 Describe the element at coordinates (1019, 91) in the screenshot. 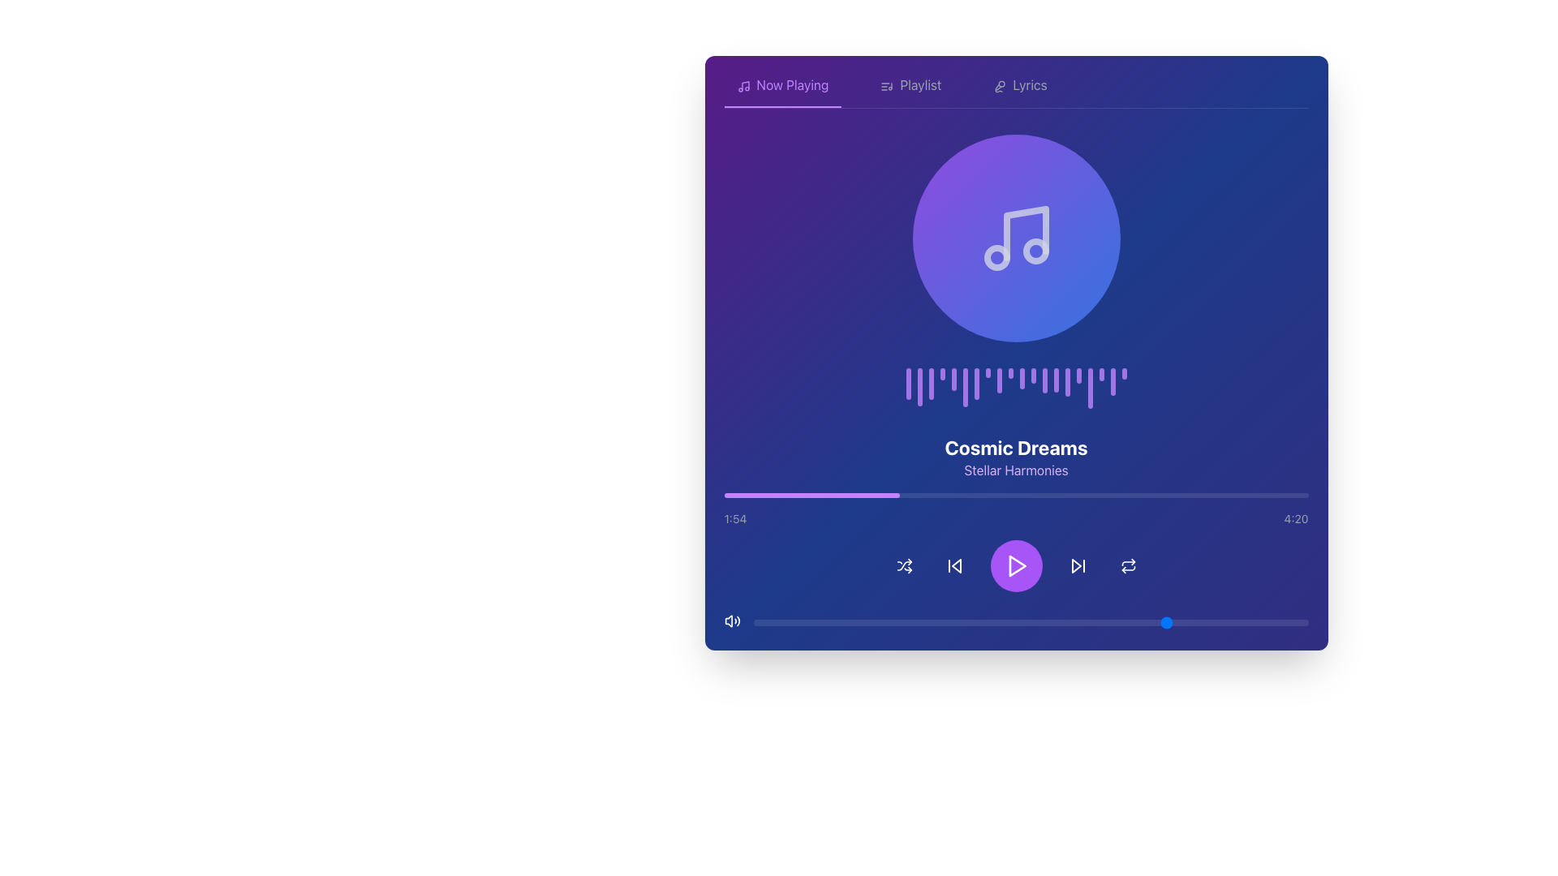

I see `the 'Lyrics' clickable text element, which is styled in light gray and changes to purple on hover, using keyboard navigation` at that location.